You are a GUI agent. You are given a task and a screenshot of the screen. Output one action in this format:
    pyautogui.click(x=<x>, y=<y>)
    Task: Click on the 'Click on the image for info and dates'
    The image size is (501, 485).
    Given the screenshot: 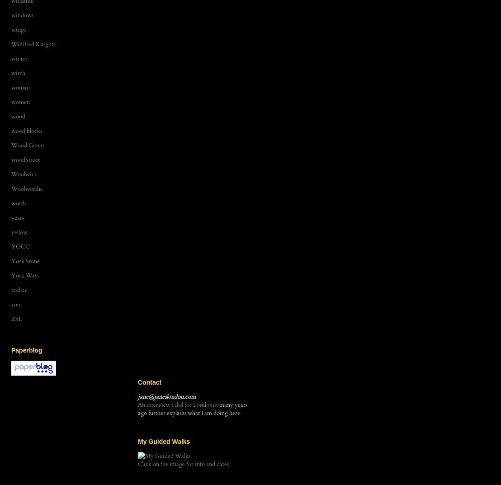 What is the action you would take?
    pyautogui.click(x=183, y=464)
    